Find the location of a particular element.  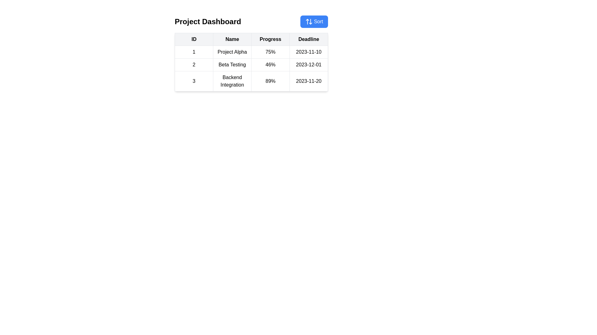

text label that says 'Backend Integration' located in the second column of the table row with ID '3' is located at coordinates (232, 81).